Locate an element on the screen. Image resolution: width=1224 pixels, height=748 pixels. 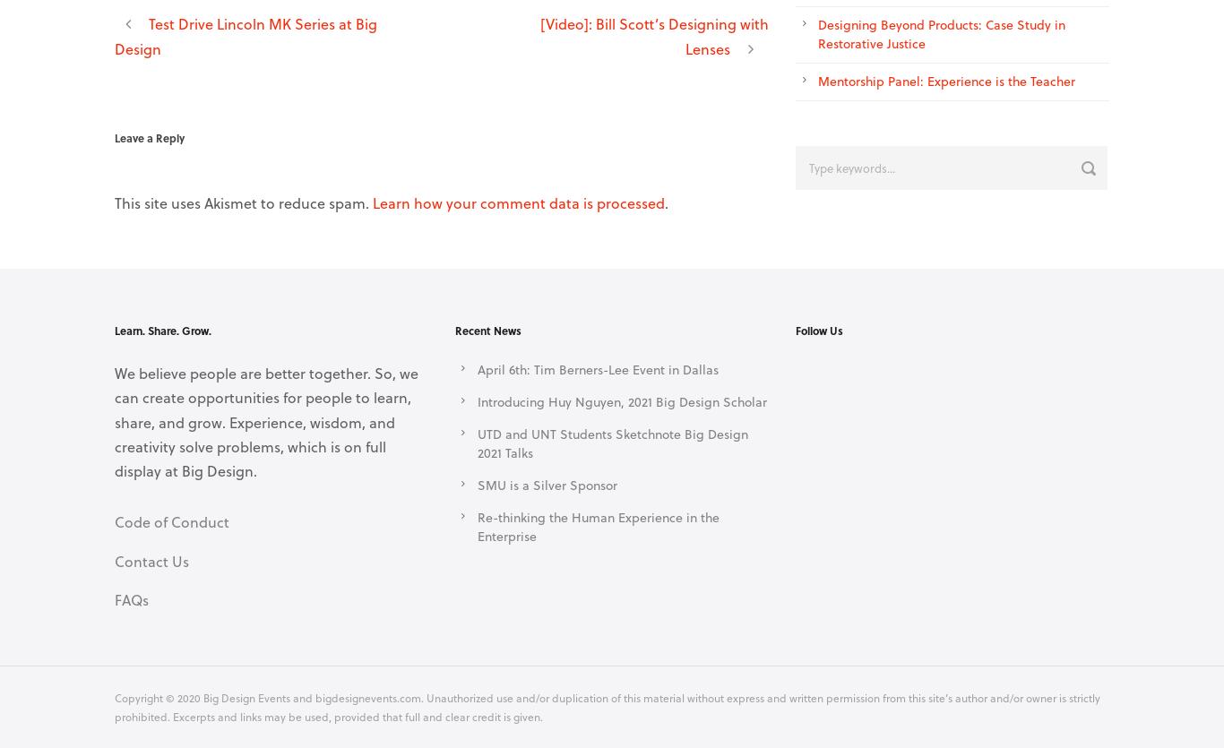
'Code of Conduct' is located at coordinates (171, 521).